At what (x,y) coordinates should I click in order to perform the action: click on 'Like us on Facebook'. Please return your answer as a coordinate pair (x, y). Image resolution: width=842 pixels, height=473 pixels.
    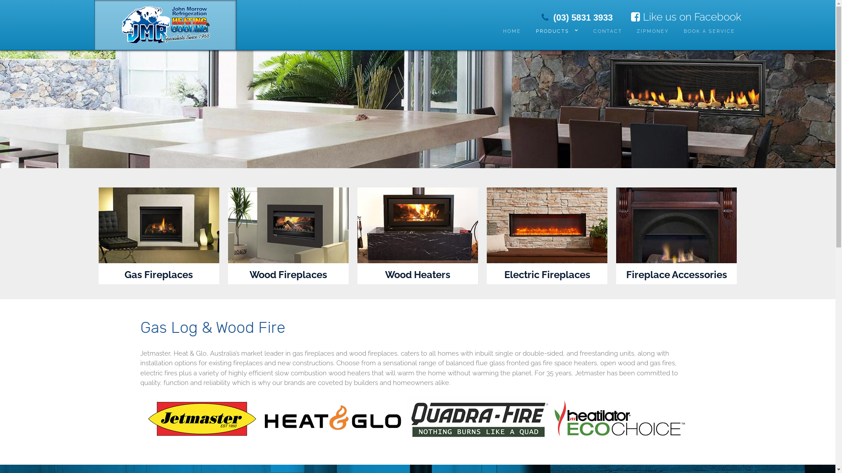
    Looking at the image, I should click on (685, 17).